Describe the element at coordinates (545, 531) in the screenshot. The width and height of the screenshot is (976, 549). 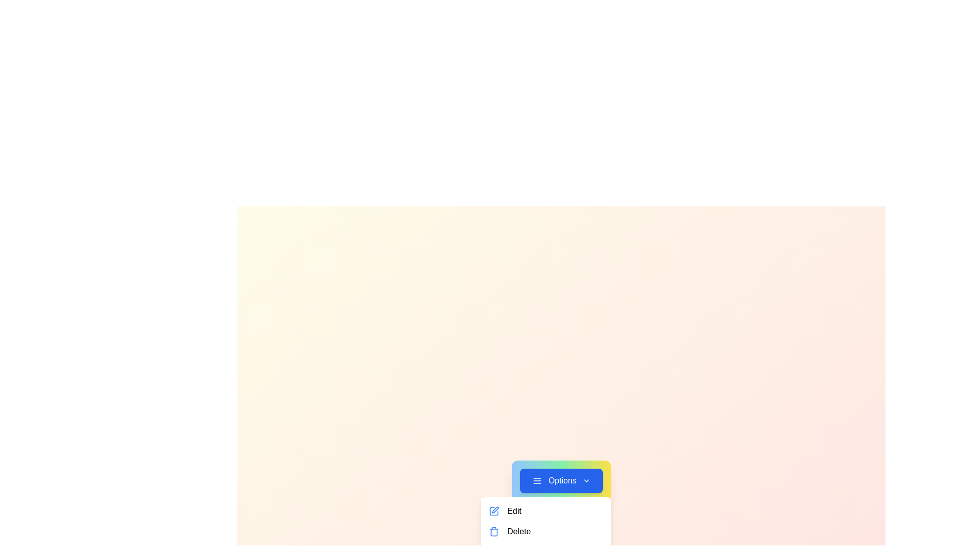
I see `the menu option Delete` at that location.